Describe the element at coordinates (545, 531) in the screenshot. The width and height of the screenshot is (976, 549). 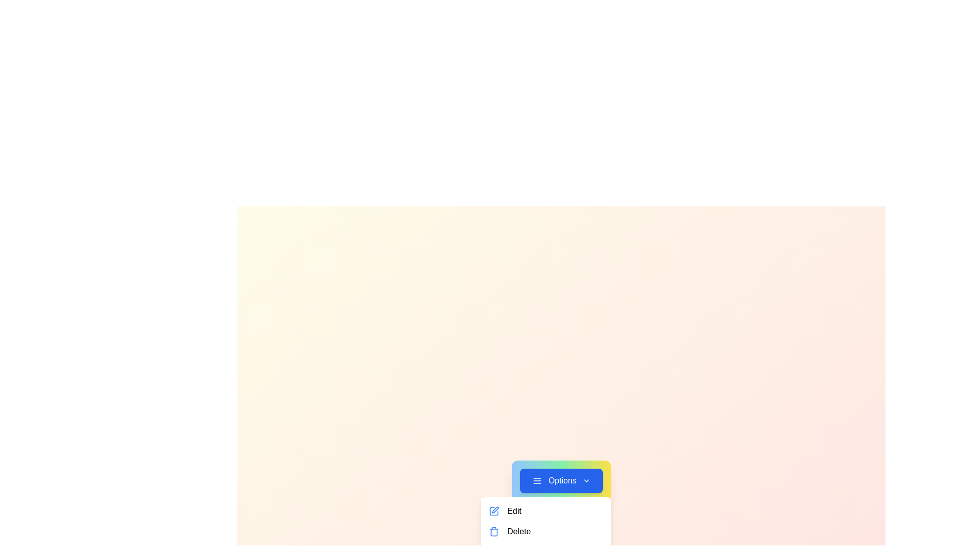
I see `the menu option Delete` at that location.